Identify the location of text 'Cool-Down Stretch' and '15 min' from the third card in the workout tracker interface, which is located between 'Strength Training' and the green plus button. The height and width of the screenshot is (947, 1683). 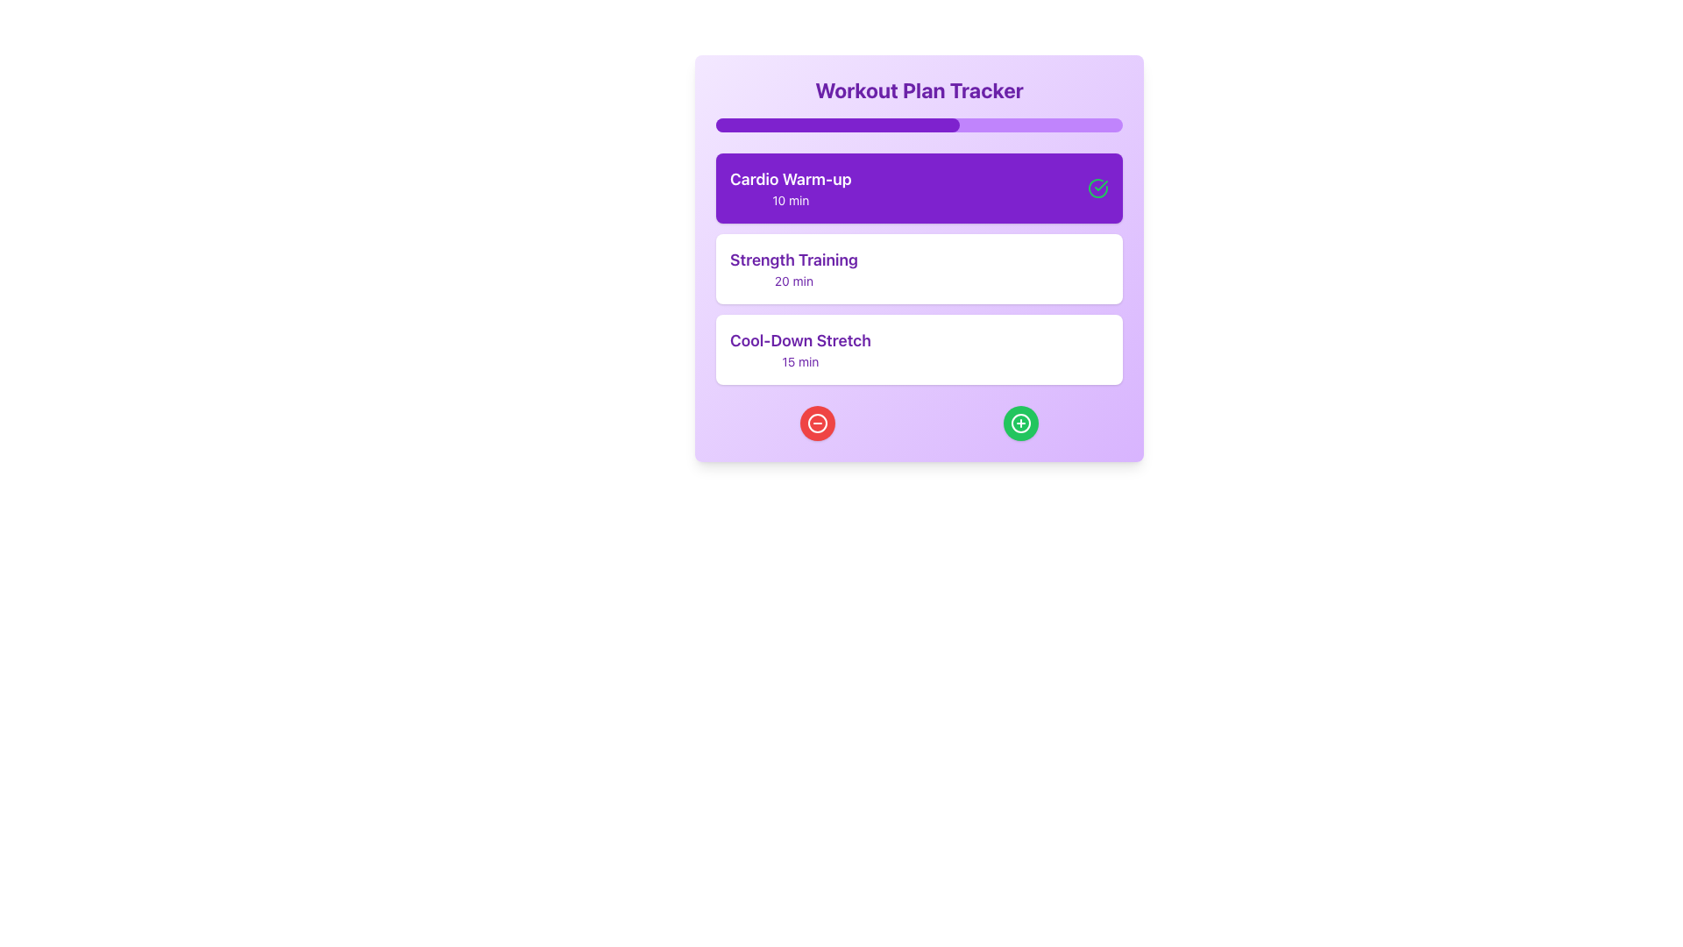
(799, 349).